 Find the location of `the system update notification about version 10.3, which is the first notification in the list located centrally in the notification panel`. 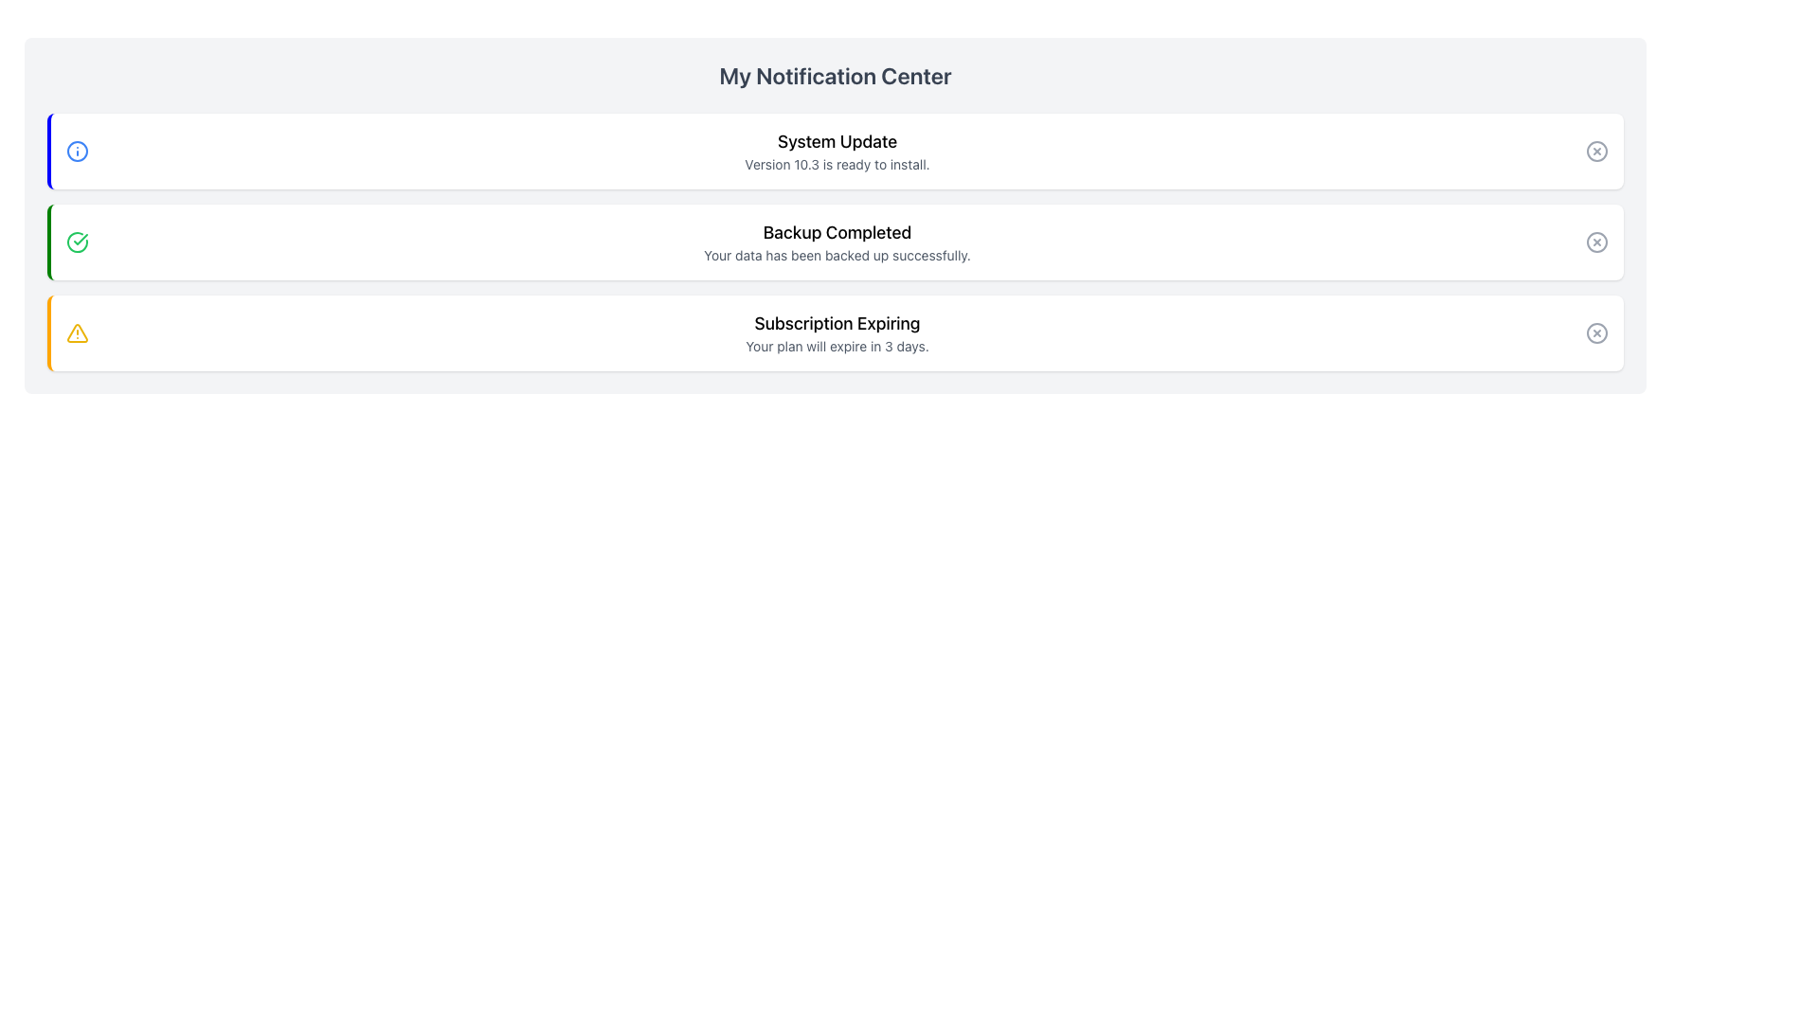

the system update notification about version 10.3, which is the first notification in the list located centrally in the notification panel is located at coordinates (835, 150).